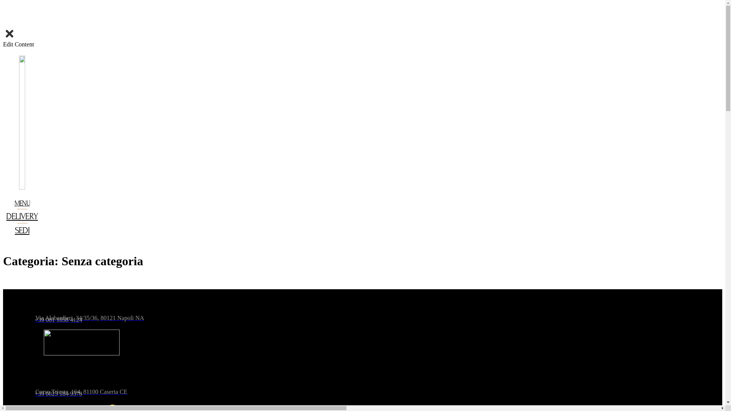  What do you see at coordinates (22, 230) in the screenshot?
I see `'SEDI'` at bounding box center [22, 230].